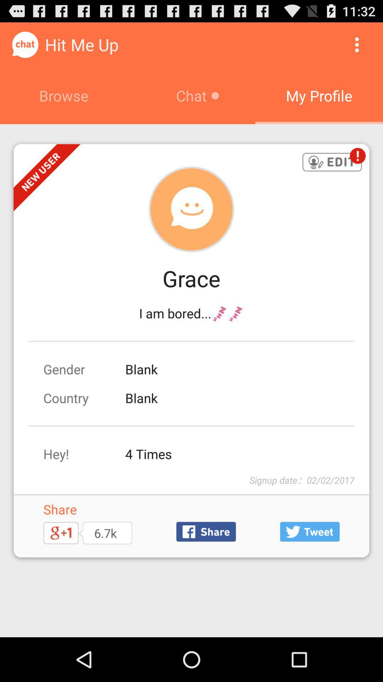 The height and width of the screenshot is (682, 383). Describe the element at coordinates (357, 44) in the screenshot. I see `button to the right of browse` at that location.